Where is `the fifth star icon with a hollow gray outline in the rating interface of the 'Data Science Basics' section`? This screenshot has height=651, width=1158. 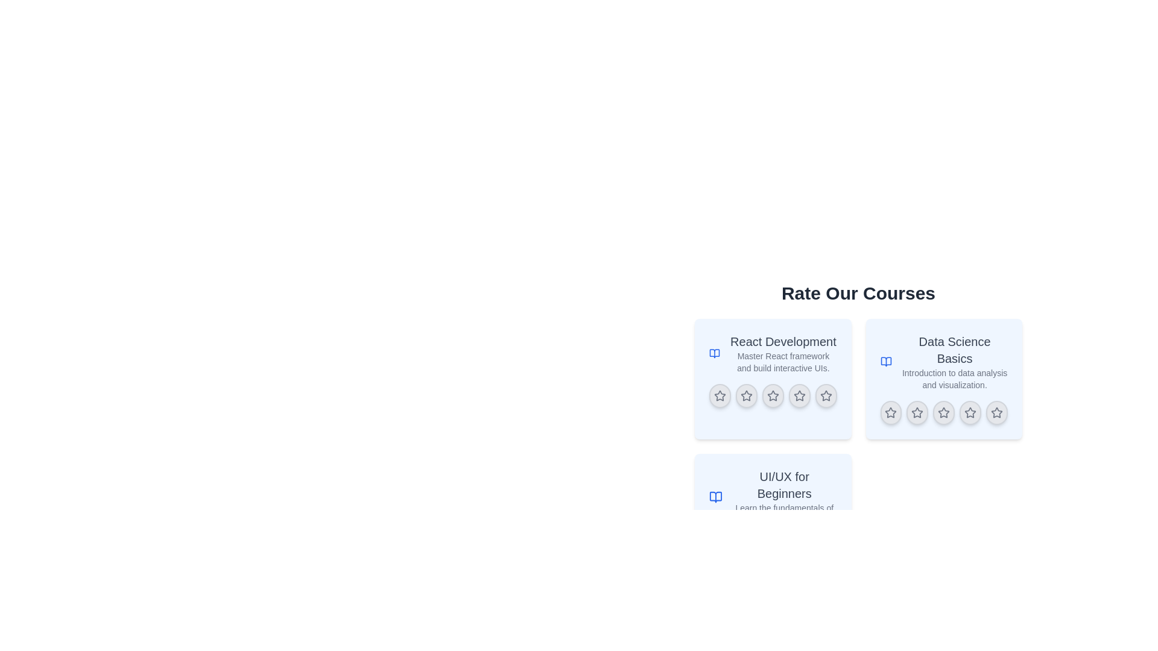 the fifth star icon with a hollow gray outline in the rating interface of the 'Data Science Basics' section is located at coordinates (997, 412).